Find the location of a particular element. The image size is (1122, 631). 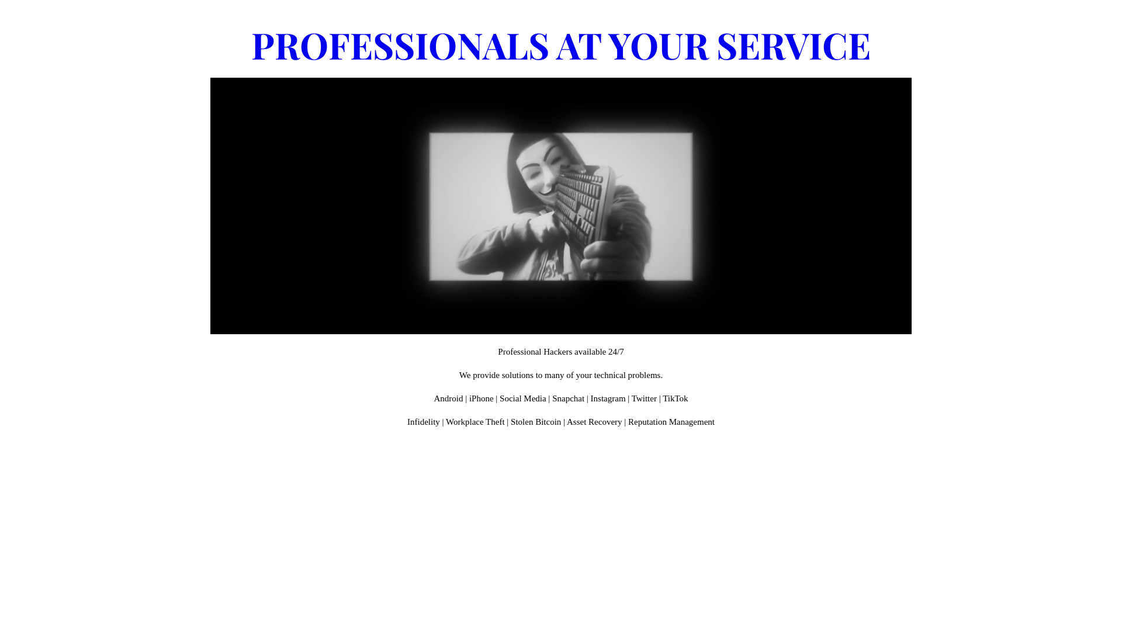

'PROFESSIONALS AT YOUR SERVICE' is located at coordinates (561, 44).